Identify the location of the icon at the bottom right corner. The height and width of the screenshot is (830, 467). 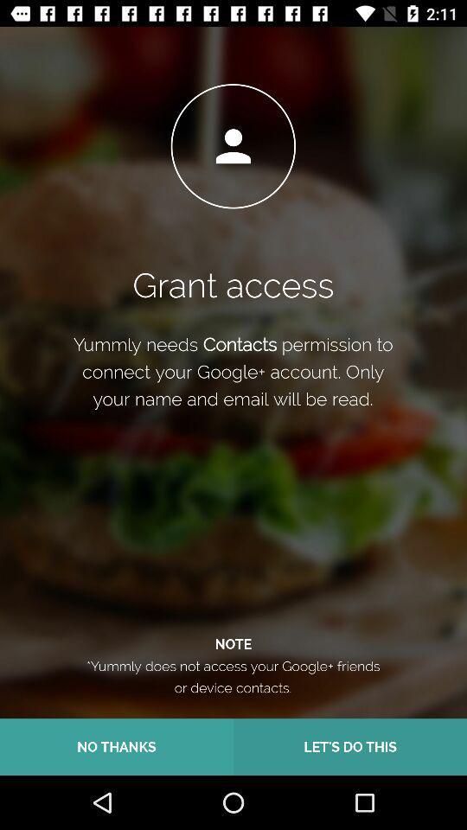
(350, 746).